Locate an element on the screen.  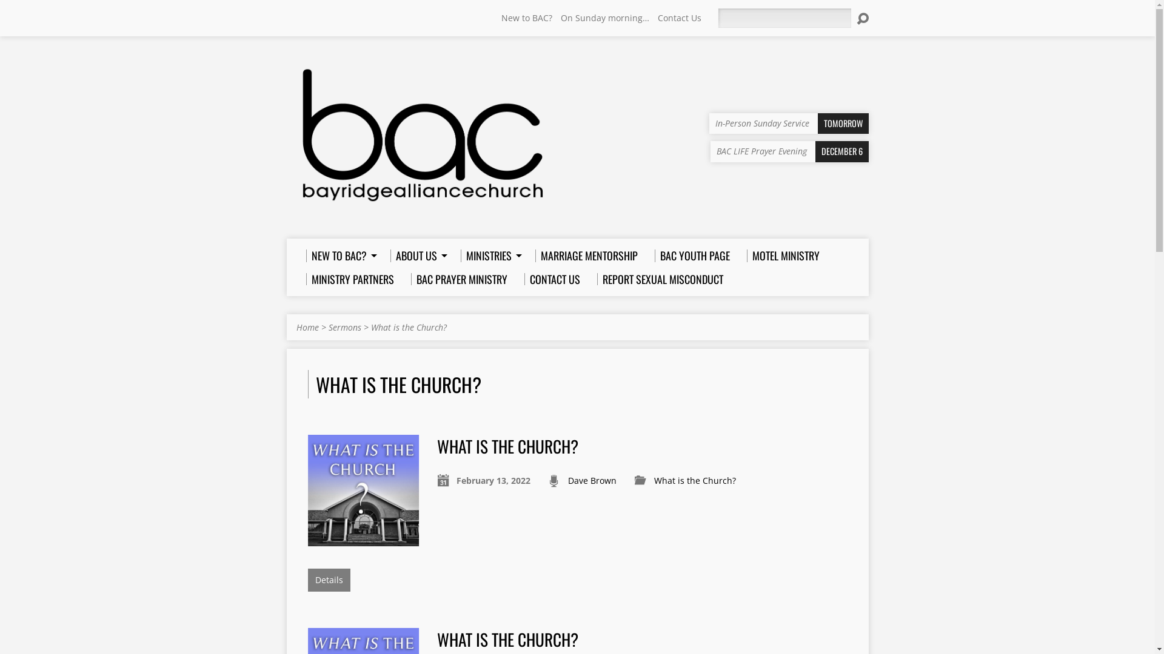
'MINISTRY PARTNERS' is located at coordinates (349, 279).